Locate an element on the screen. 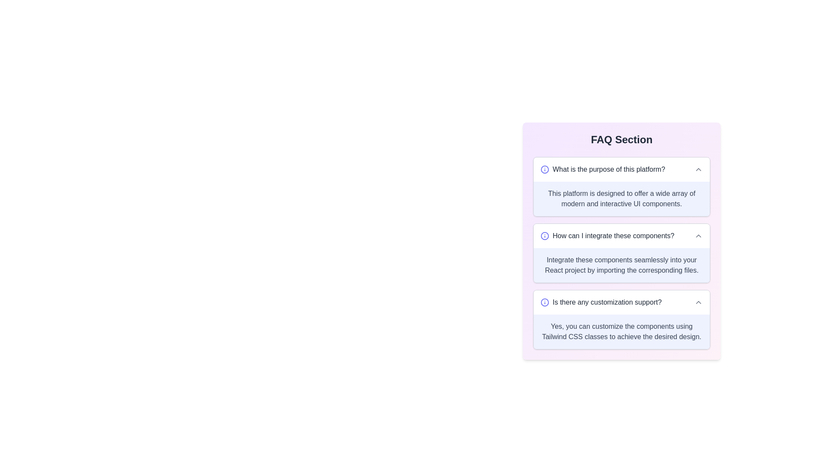 This screenshot has height=466, width=829. the small circular icon with an indigo outlined structure located next to the FAQ question 'What is the purpose of this platform?' is located at coordinates (544, 170).